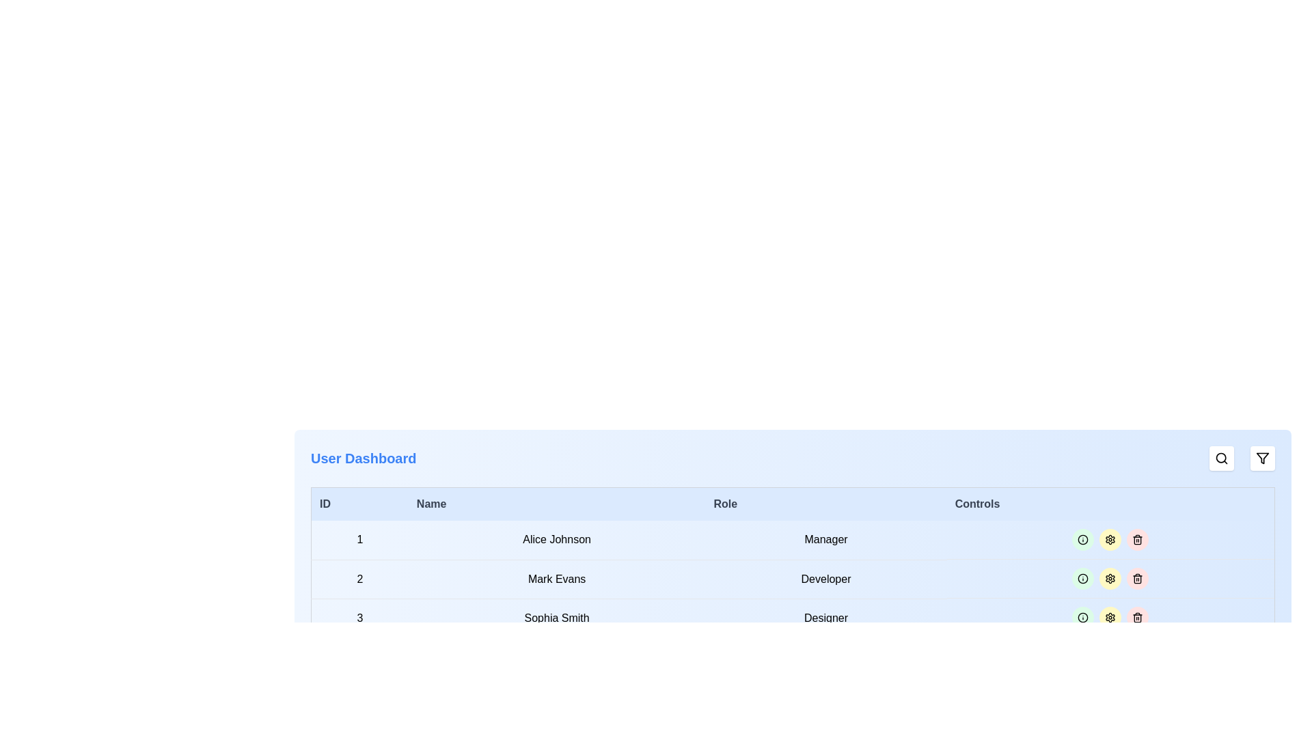 This screenshot has height=738, width=1312. What do you see at coordinates (1110, 617) in the screenshot?
I see `the gear or settings icon located in the bottom-most row of the 'Controls' column in the user dashboard` at bounding box center [1110, 617].